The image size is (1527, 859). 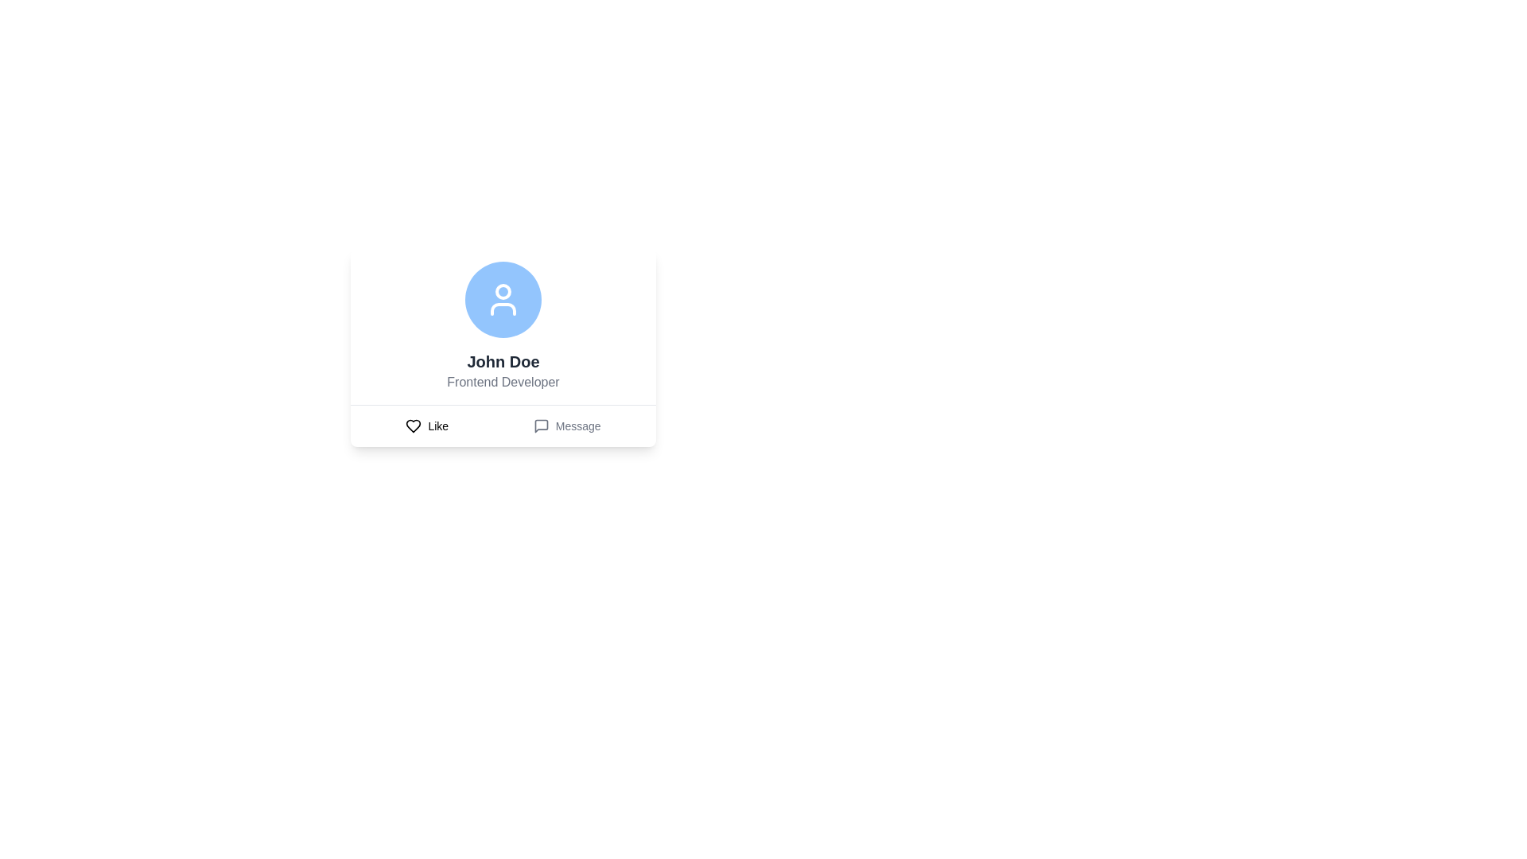 What do you see at coordinates (414, 426) in the screenshot?
I see `the 'Like' icon located at the bottom-left corner of John Doe's profile card` at bounding box center [414, 426].